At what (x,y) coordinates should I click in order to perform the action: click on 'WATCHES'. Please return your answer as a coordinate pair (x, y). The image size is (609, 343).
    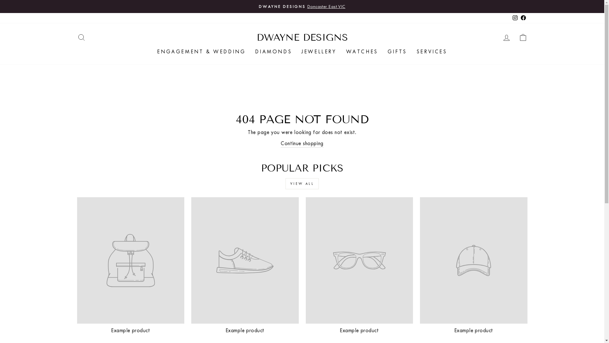
    Looking at the image, I should click on (362, 51).